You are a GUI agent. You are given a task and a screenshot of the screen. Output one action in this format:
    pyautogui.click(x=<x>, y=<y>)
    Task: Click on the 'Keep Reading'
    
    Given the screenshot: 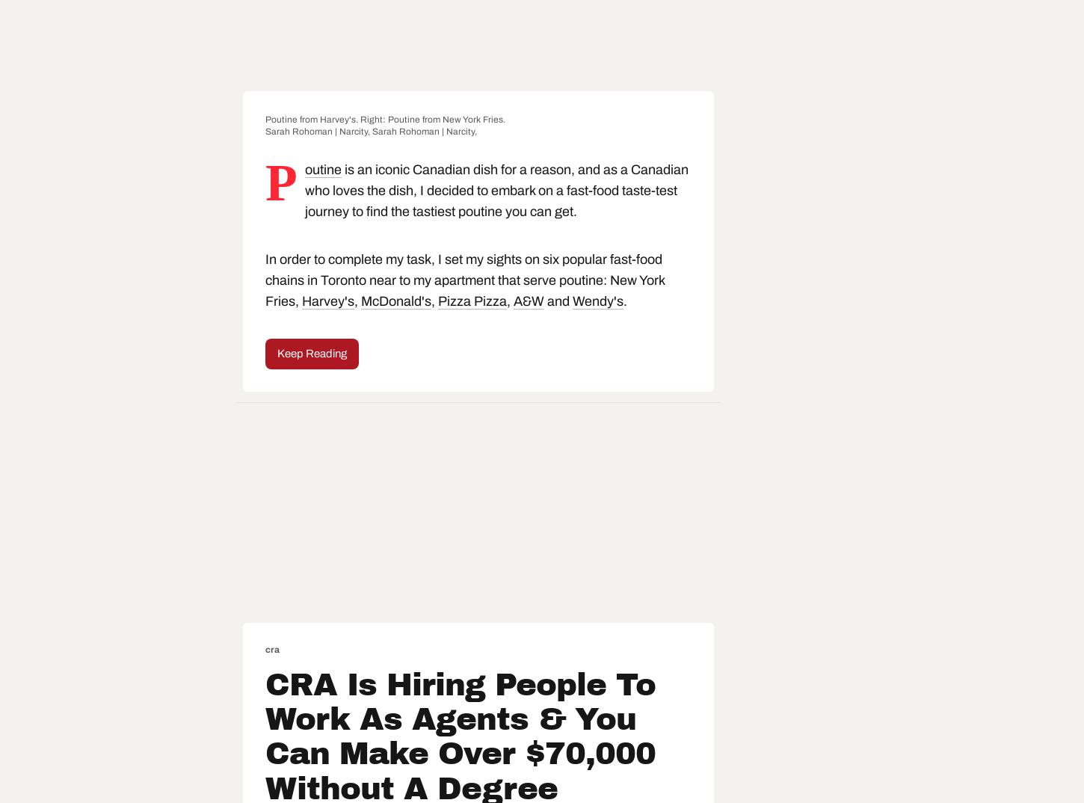 What is the action you would take?
    pyautogui.click(x=311, y=352)
    